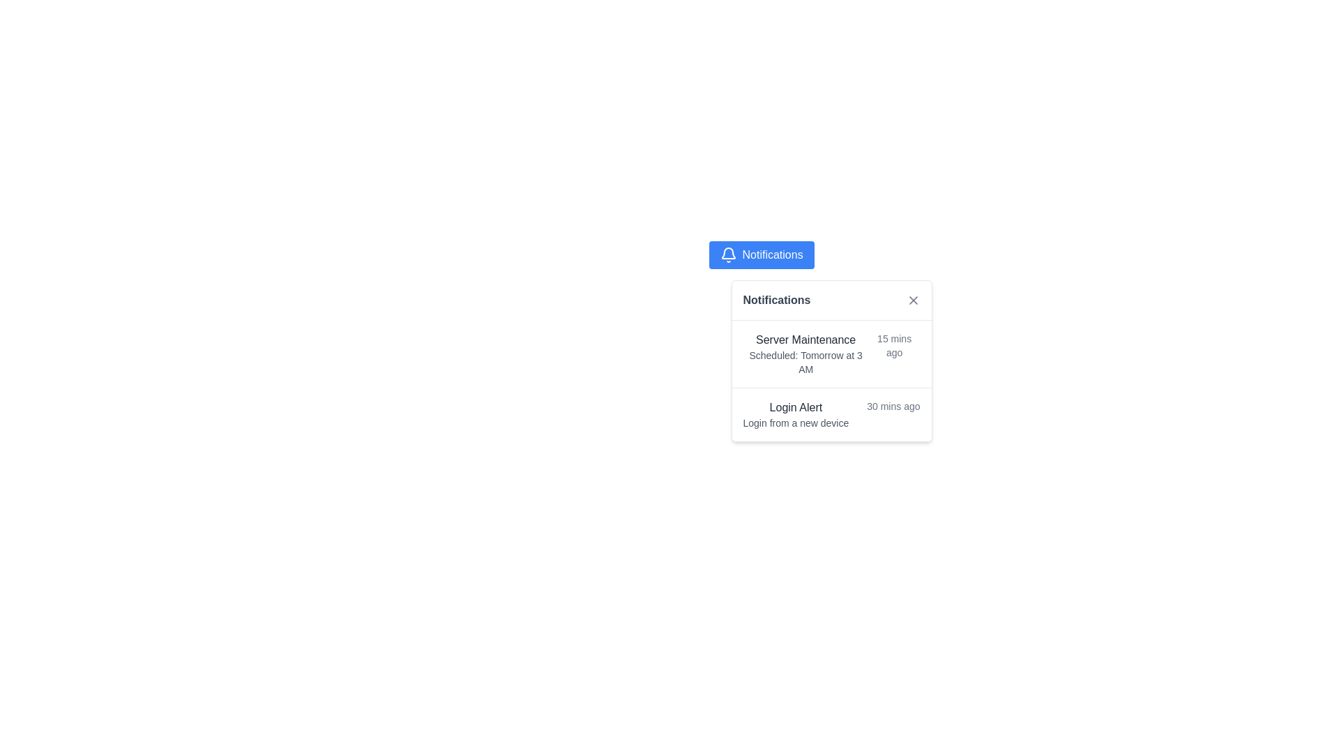  Describe the element at coordinates (796, 422) in the screenshot. I see `the static text that provides additional details about a notification regarding a login from a new device, located in the notification dropdown under the 'Login Alert' heading` at that location.